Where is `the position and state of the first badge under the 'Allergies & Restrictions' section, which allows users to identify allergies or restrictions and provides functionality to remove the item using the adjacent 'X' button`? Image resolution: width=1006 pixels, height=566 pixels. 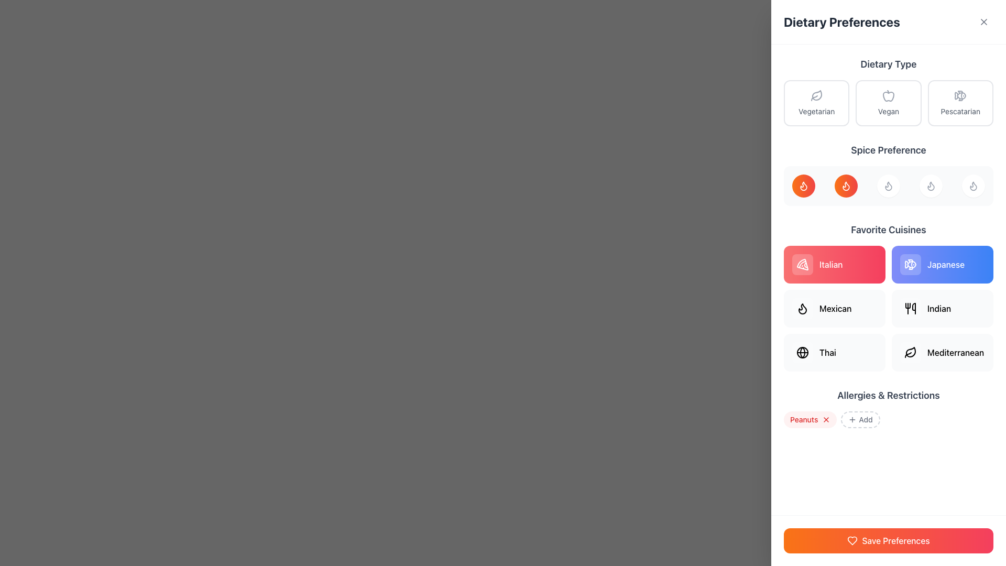 the position and state of the first badge under the 'Allergies & Restrictions' section, which allows users to identify allergies or restrictions and provides functionality to remove the item using the adjacent 'X' button is located at coordinates (810, 419).